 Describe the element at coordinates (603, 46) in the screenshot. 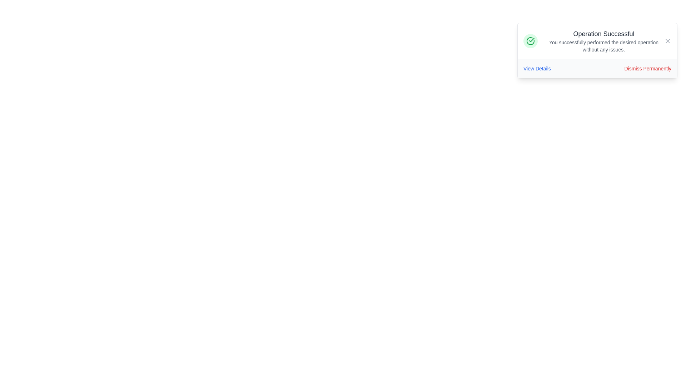

I see `the text element that reads 'You successfully performed the desired operation without any issues.', which is styled in a small font and light gray color, located below the title 'Operation Successful' in the notification card at the top-right corner of the interface` at that location.